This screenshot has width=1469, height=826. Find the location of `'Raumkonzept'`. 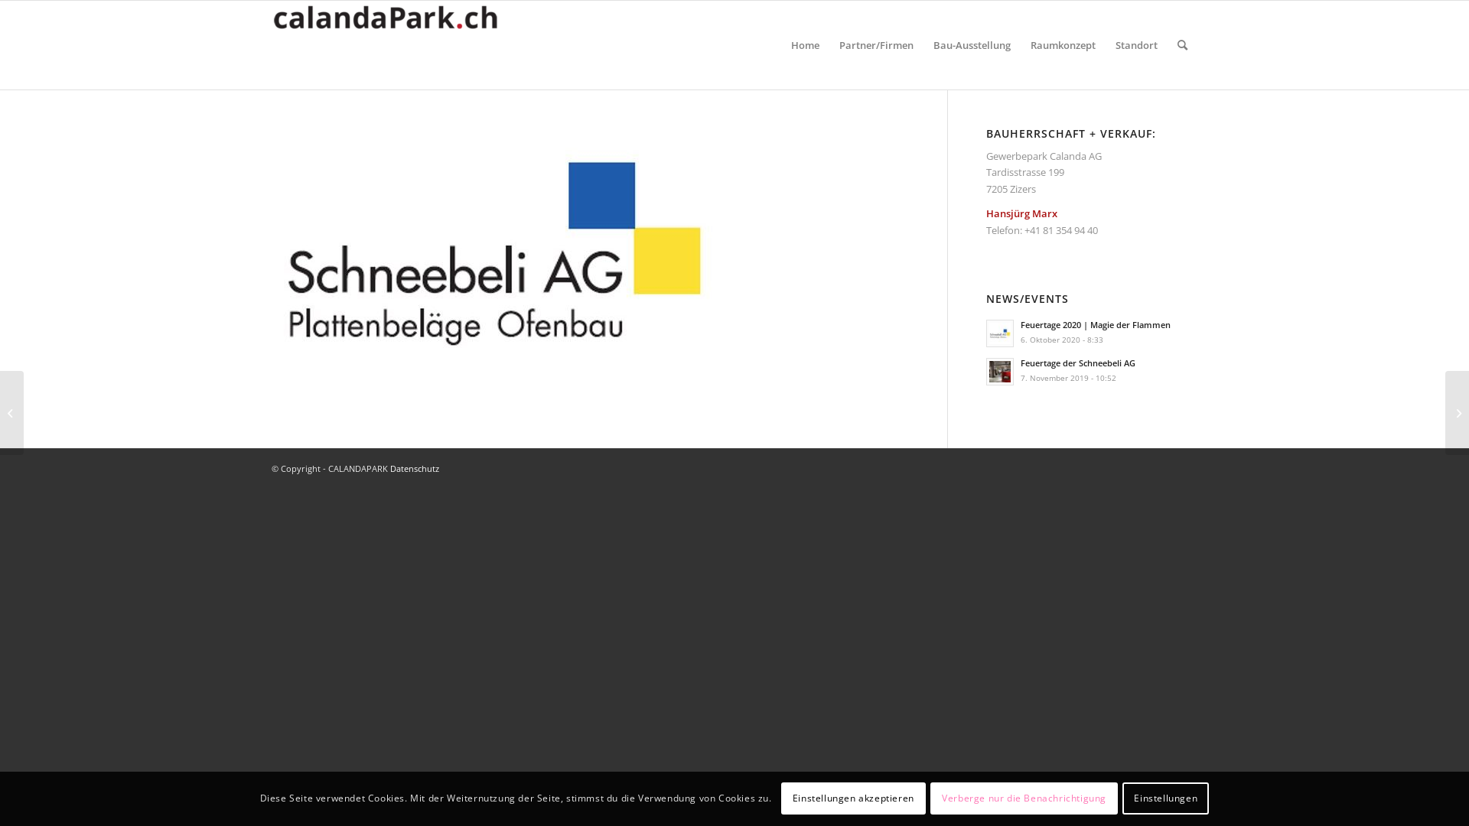

'Raumkonzept' is located at coordinates (1062, 44).